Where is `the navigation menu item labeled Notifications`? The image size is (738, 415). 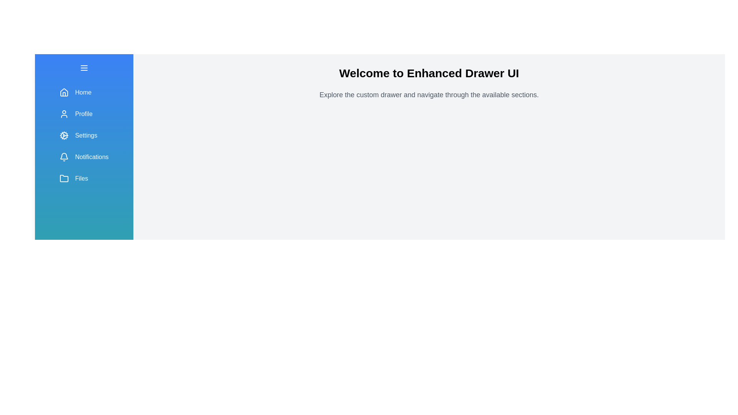 the navigation menu item labeled Notifications is located at coordinates (84, 156).